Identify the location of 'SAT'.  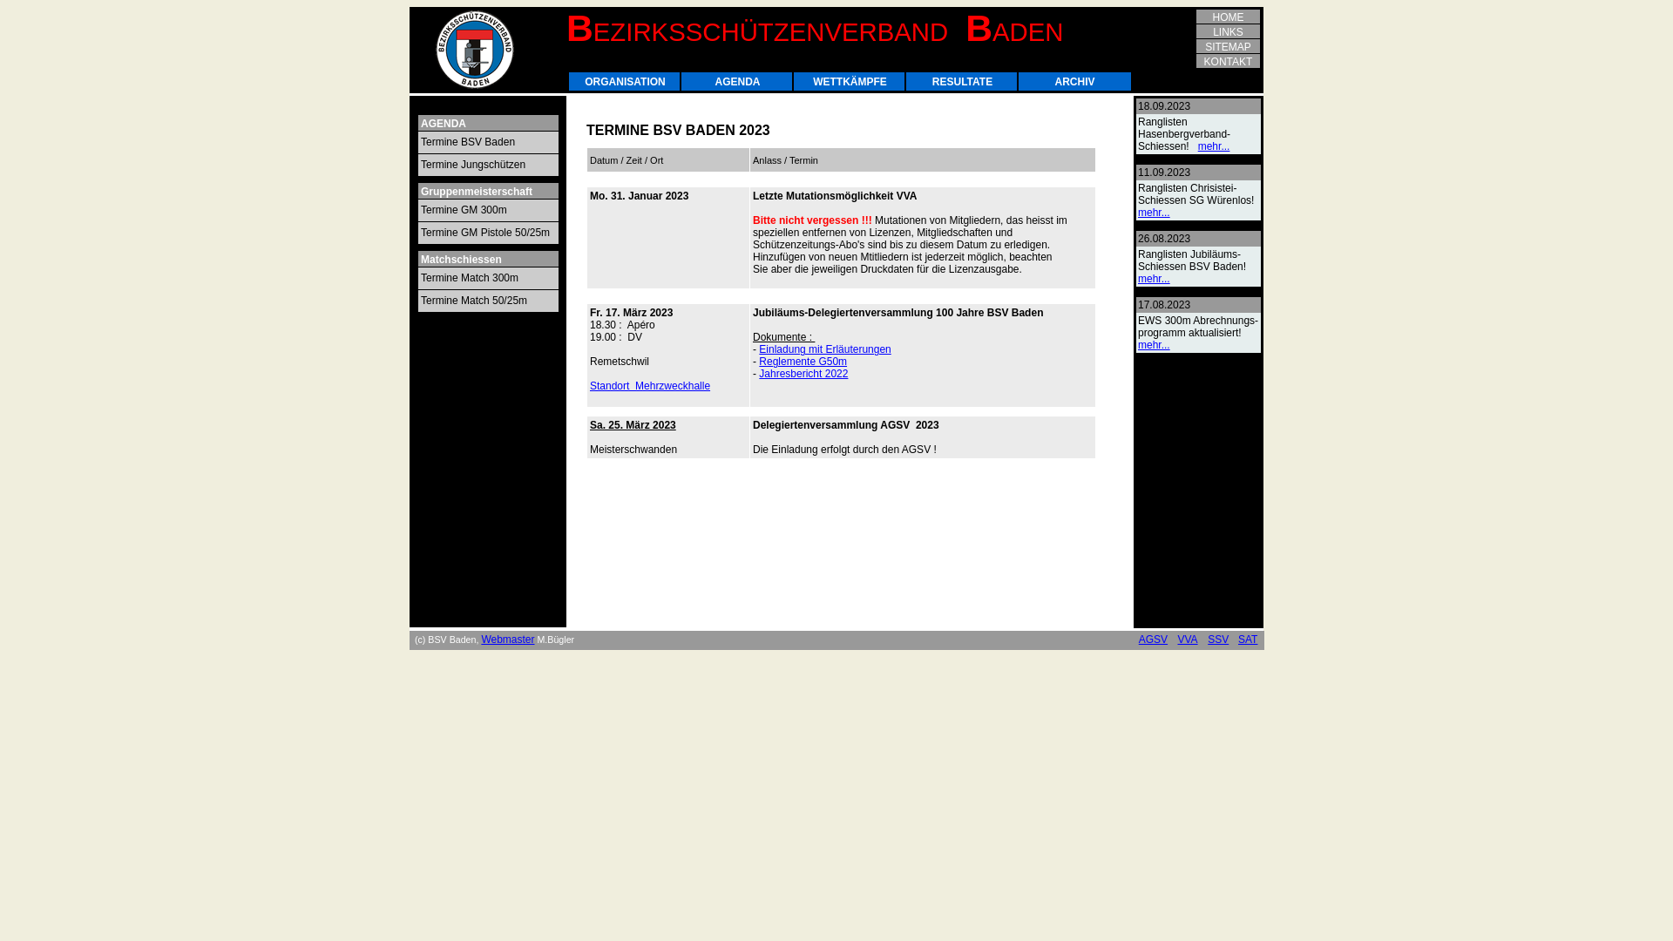
(1246, 639).